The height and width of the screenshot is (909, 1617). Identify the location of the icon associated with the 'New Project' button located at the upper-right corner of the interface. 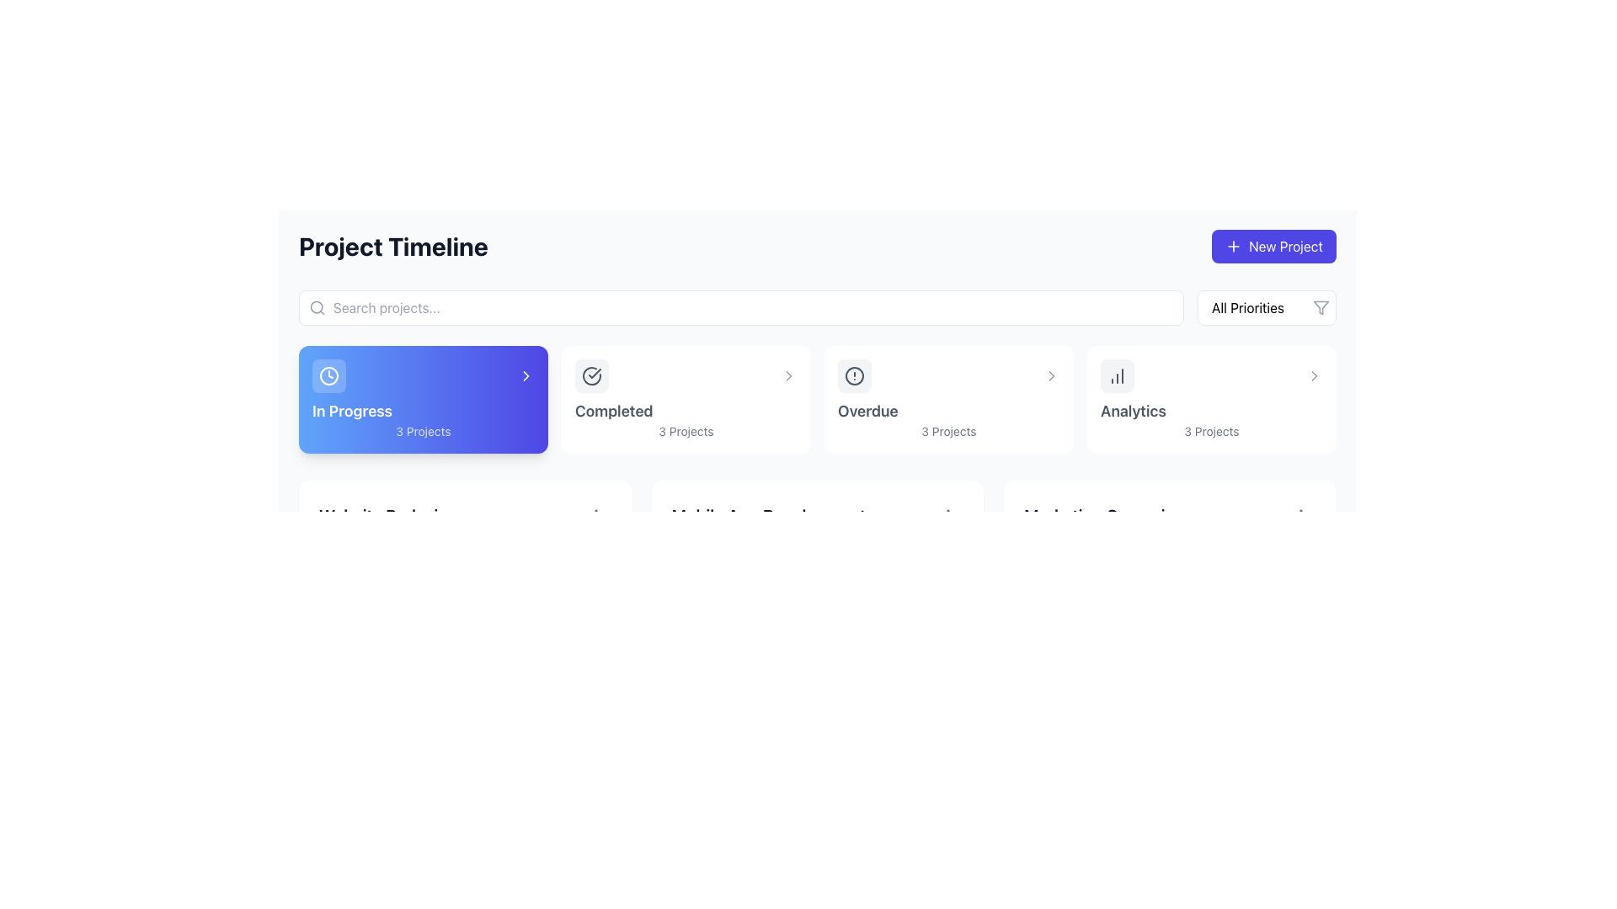
(1233, 247).